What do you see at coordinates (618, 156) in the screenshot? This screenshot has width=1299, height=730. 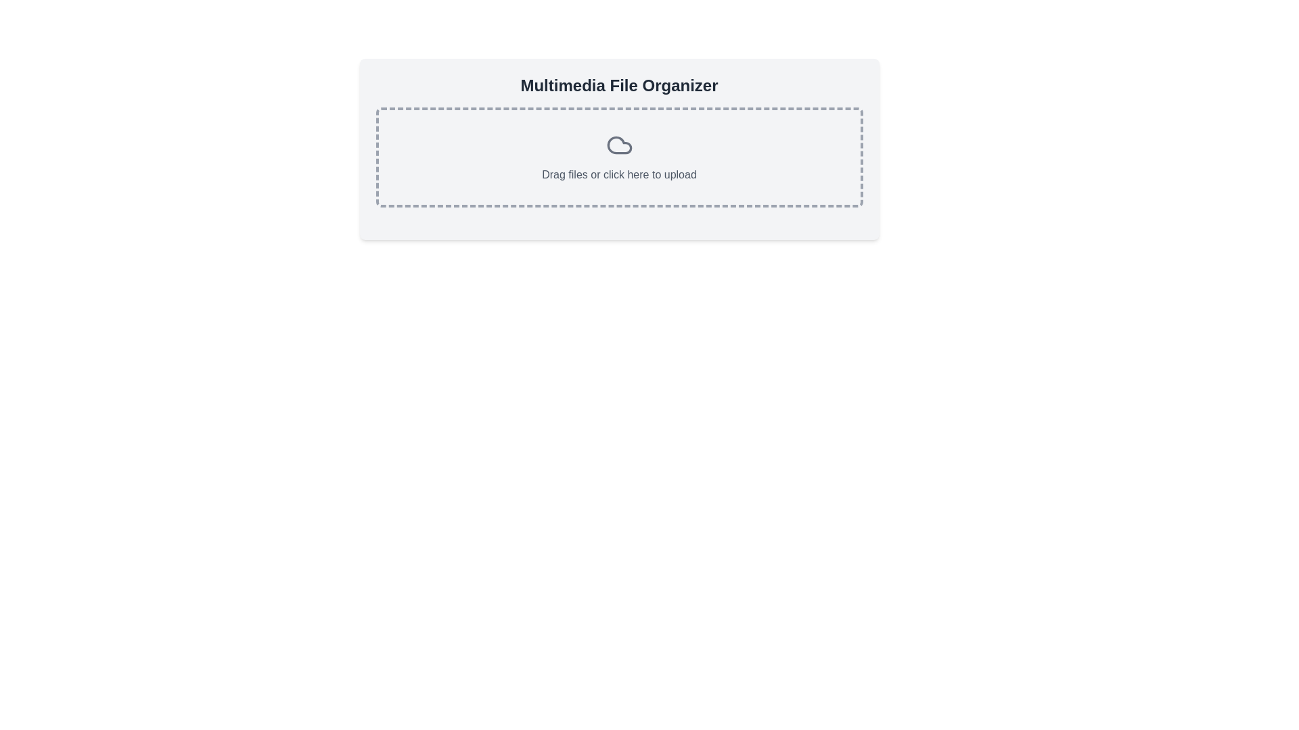 I see `the File upload area located below the 'Multimedia File Organizer' header` at bounding box center [618, 156].